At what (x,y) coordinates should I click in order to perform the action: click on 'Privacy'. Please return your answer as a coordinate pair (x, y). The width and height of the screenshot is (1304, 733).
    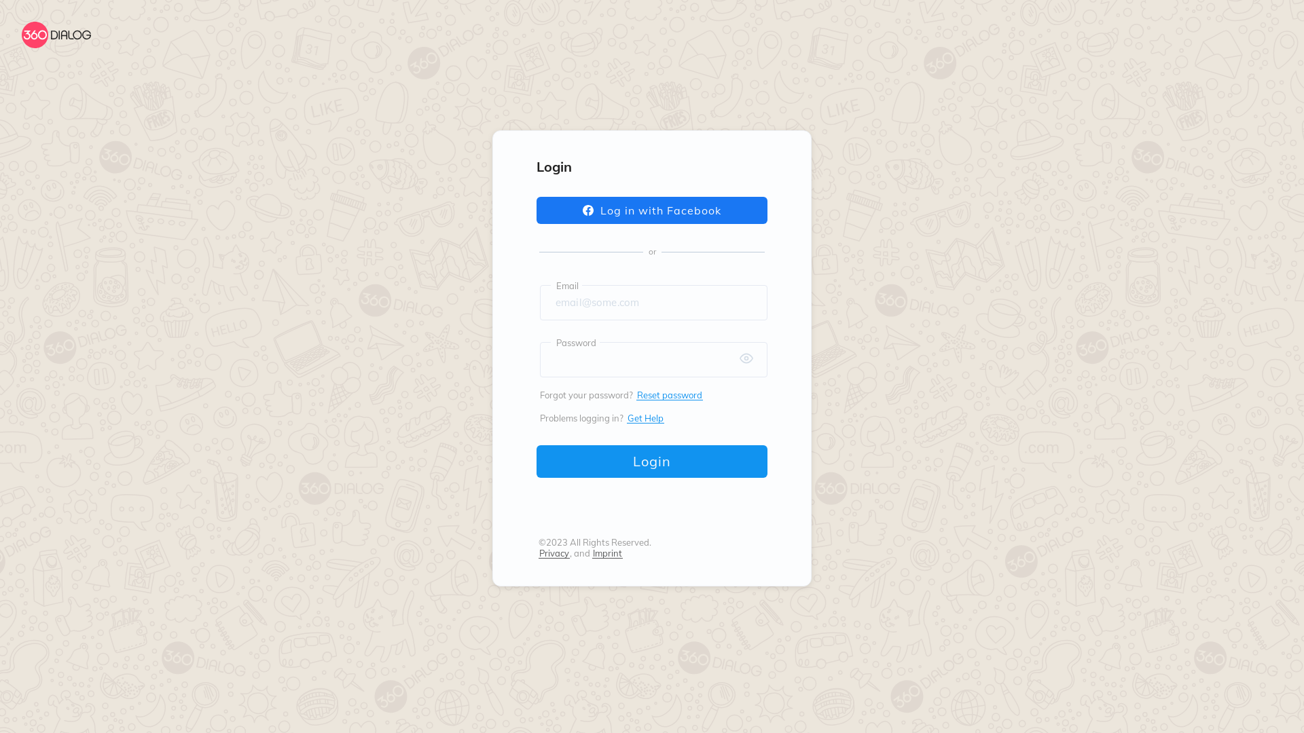
    Looking at the image, I should click on (554, 552).